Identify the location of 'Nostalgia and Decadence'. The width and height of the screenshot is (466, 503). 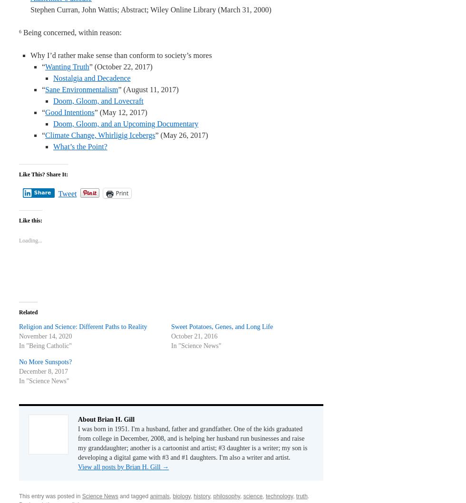
(91, 77).